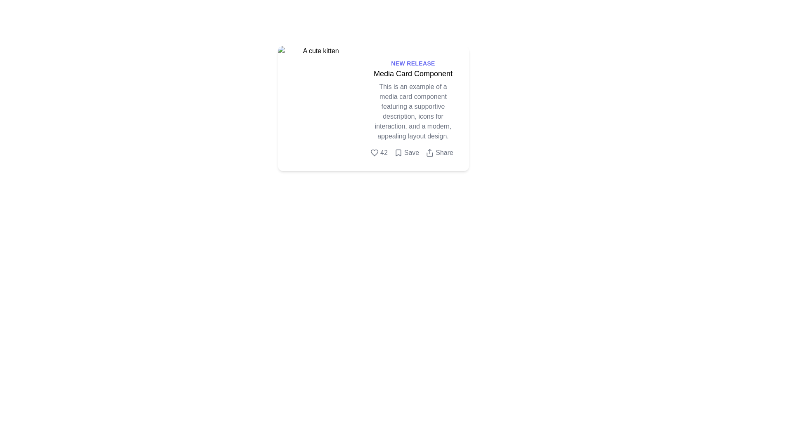  Describe the element at coordinates (407, 152) in the screenshot. I see `the clickable button labeled 'Save' with a bookmark icon` at that location.